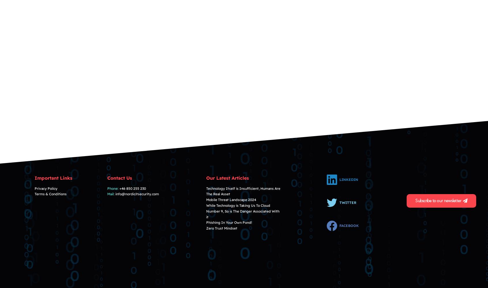 This screenshot has width=488, height=288. I want to click on '+46 850 255 230', so click(132, 188).